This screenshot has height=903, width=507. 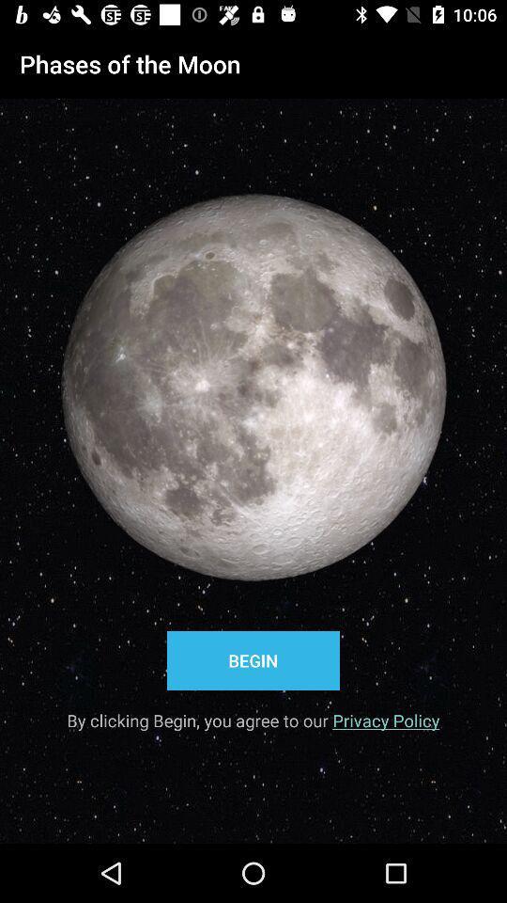 I want to click on the icon below begin icon, so click(x=253, y=713).